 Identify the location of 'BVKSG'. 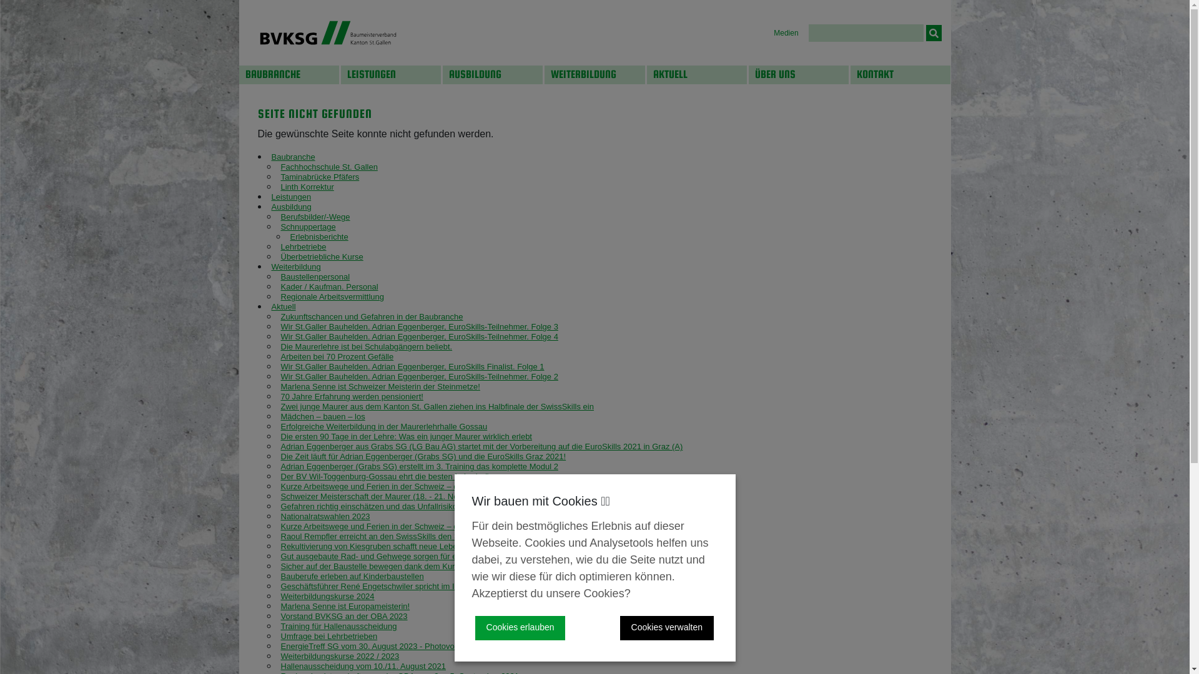
(327, 32).